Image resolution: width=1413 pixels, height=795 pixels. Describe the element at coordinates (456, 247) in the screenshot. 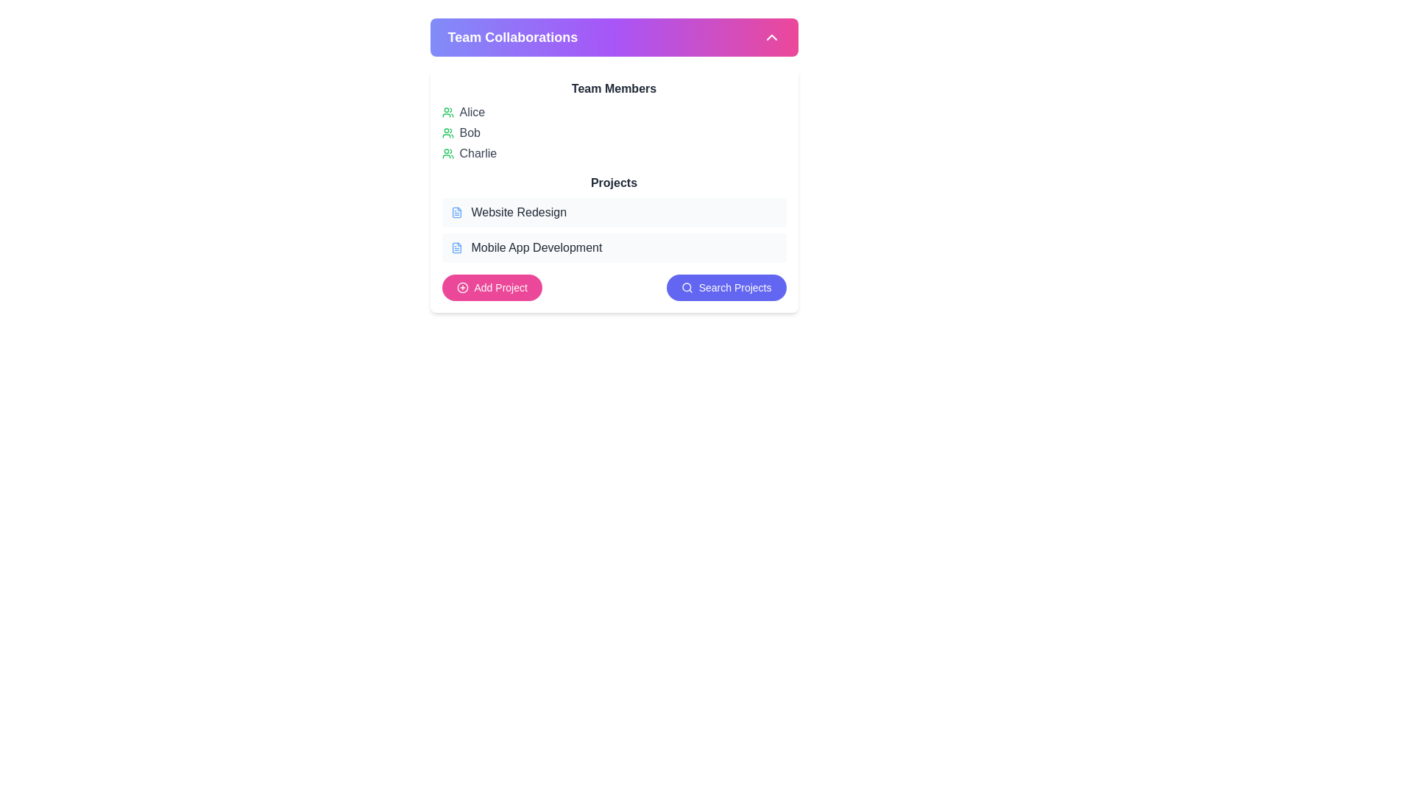

I see `the small blue-colored file icon with lines inside, located to the left of the 'Mobile App Development' label in the 'Projects' section of the 'Team Collaborations' interface card` at that location.